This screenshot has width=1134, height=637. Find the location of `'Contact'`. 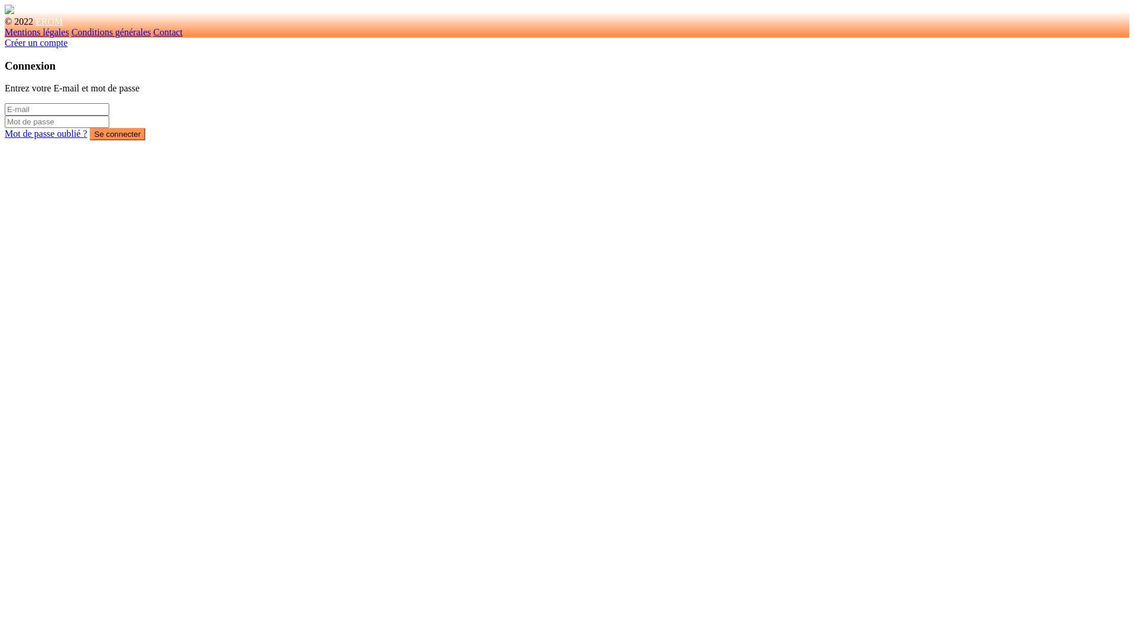

'Contact' is located at coordinates (167, 31).